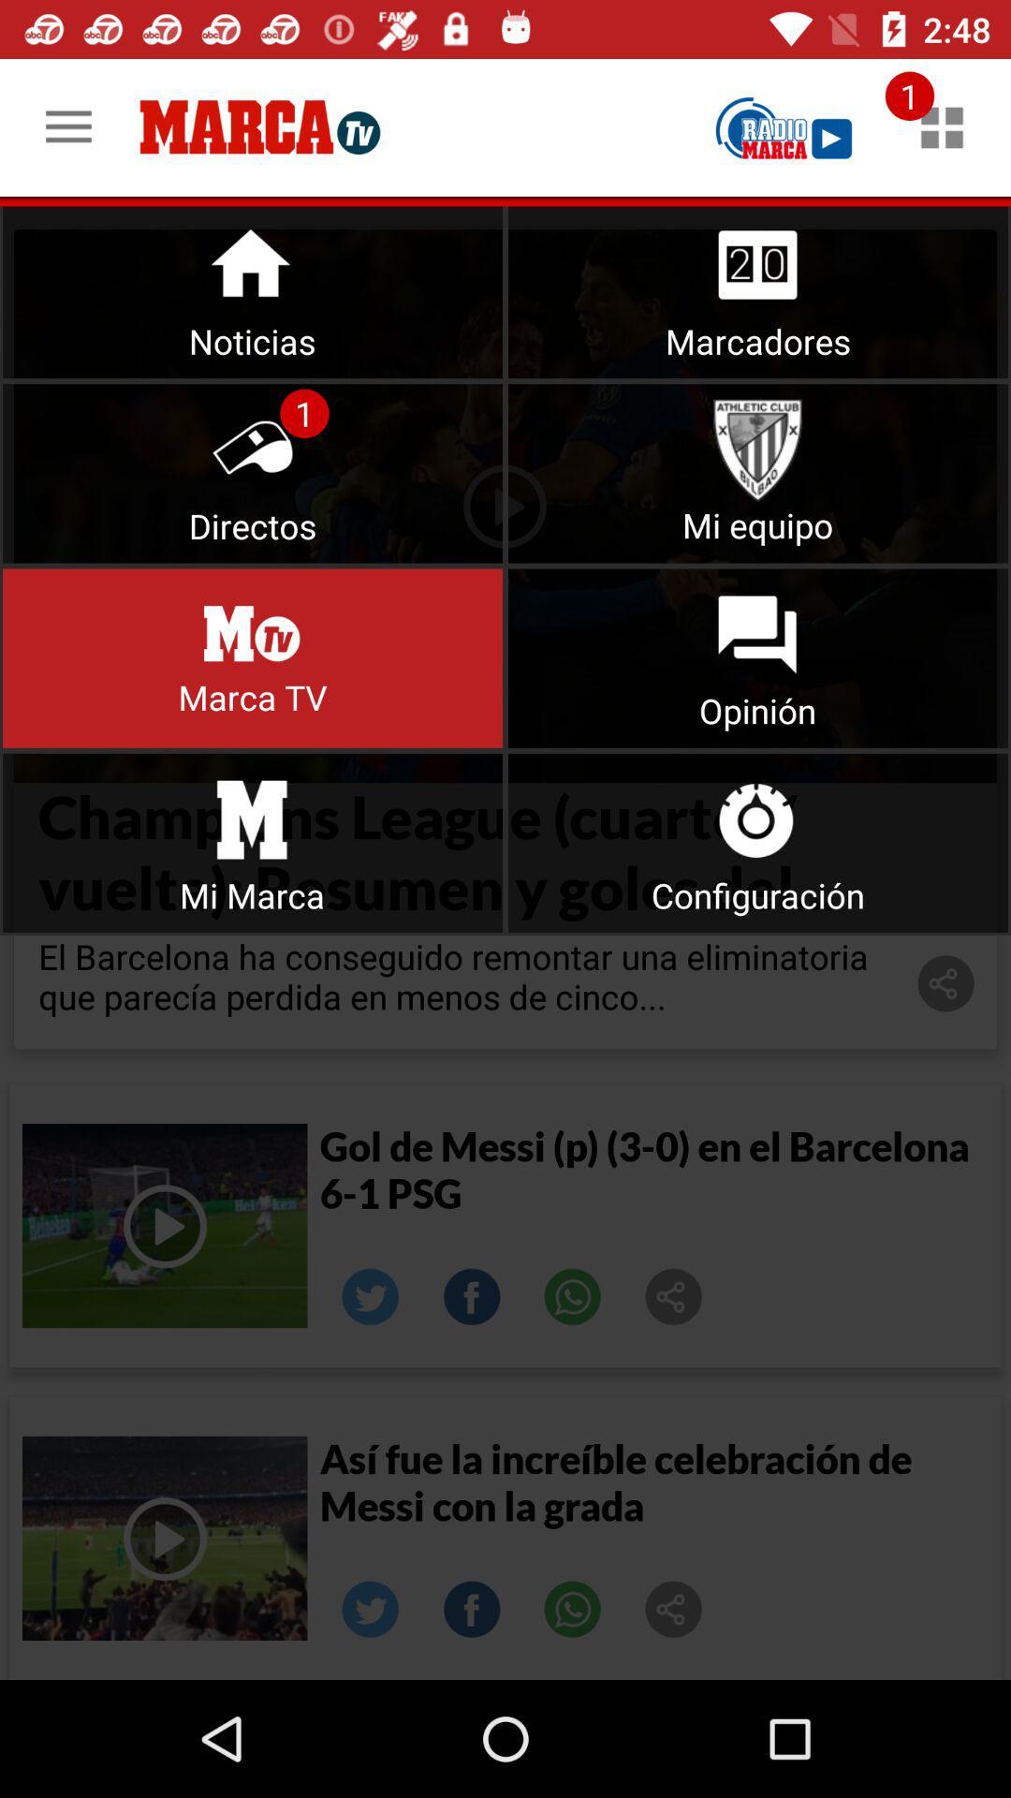 Image resolution: width=1011 pixels, height=1798 pixels. What do you see at coordinates (471, 1296) in the screenshot?
I see `share the video facebook` at bounding box center [471, 1296].